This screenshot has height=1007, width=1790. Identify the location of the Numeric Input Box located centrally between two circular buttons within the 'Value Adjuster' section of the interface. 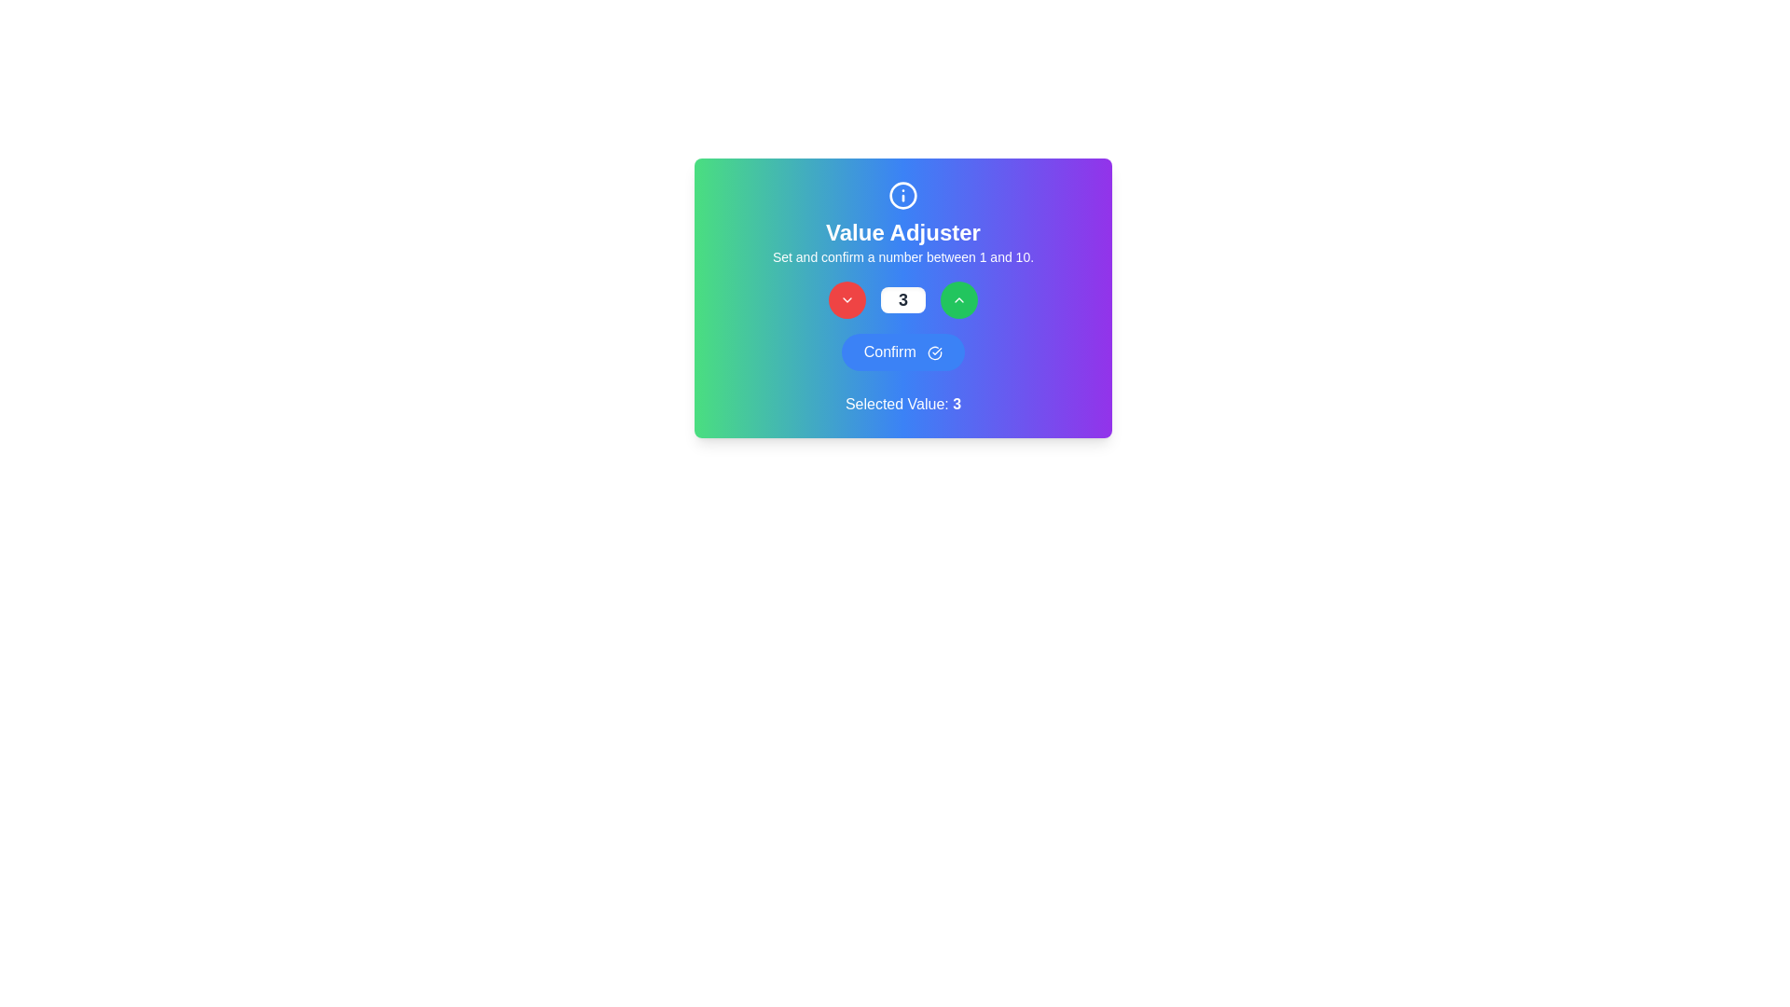
(903, 298).